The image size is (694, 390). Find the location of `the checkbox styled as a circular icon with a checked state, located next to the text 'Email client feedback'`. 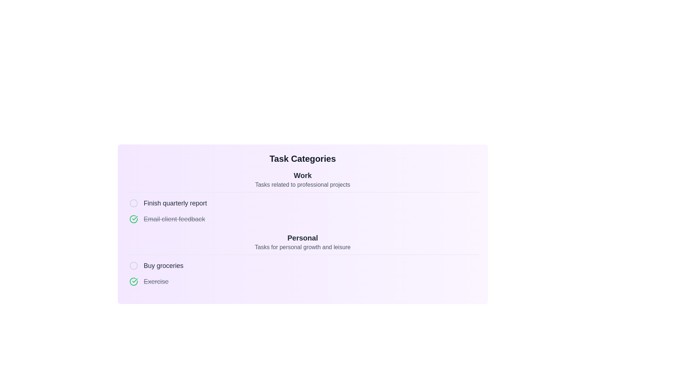

the checkbox styled as a circular icon with a checked state, located next to the text 'Email client feedback' is located at coordinates (133, 218).